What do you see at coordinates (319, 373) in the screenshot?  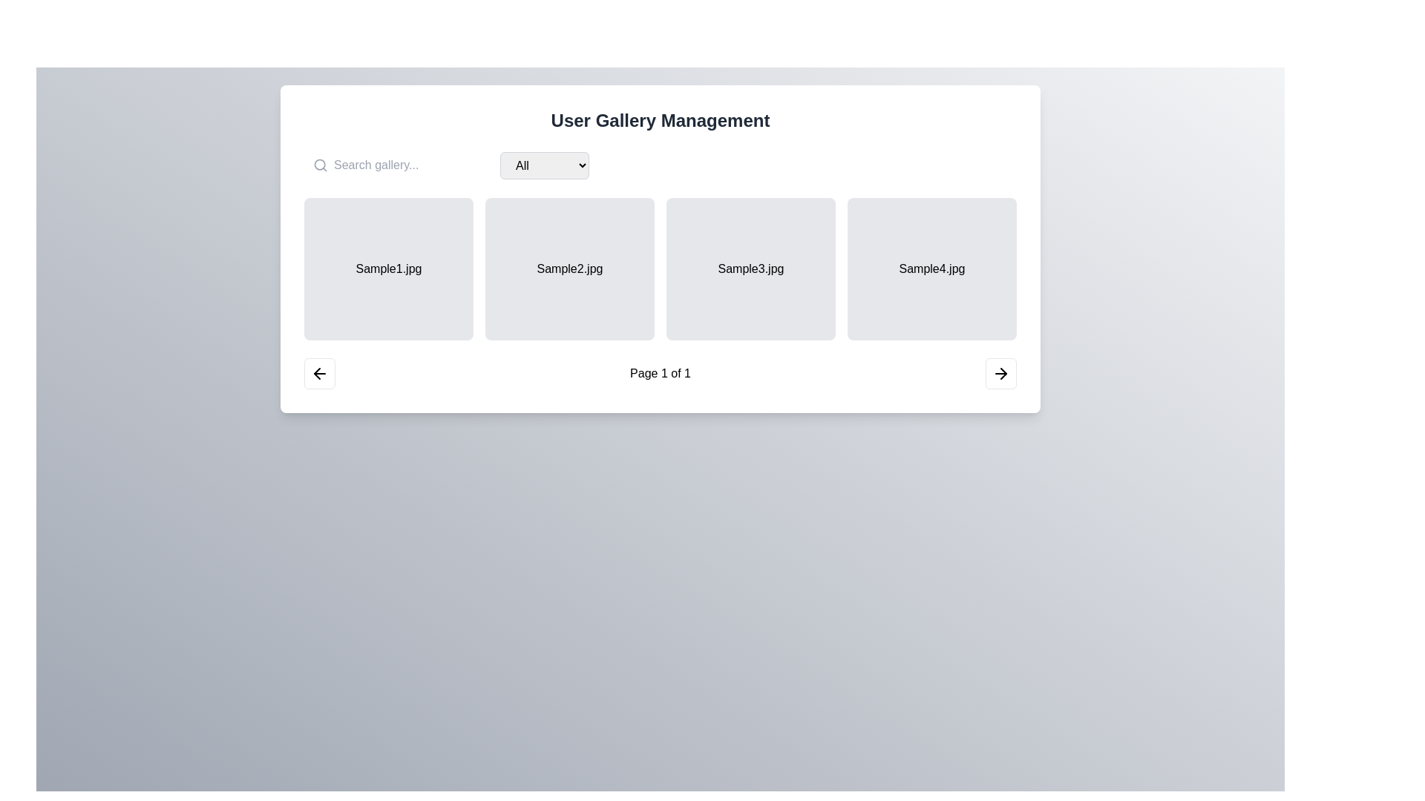 I see `the left-arrow icon, which serves as the backward navigation button in the gallery pagination controls, located in the bottom-left corner of the interface` at bounding box center [319, 373].